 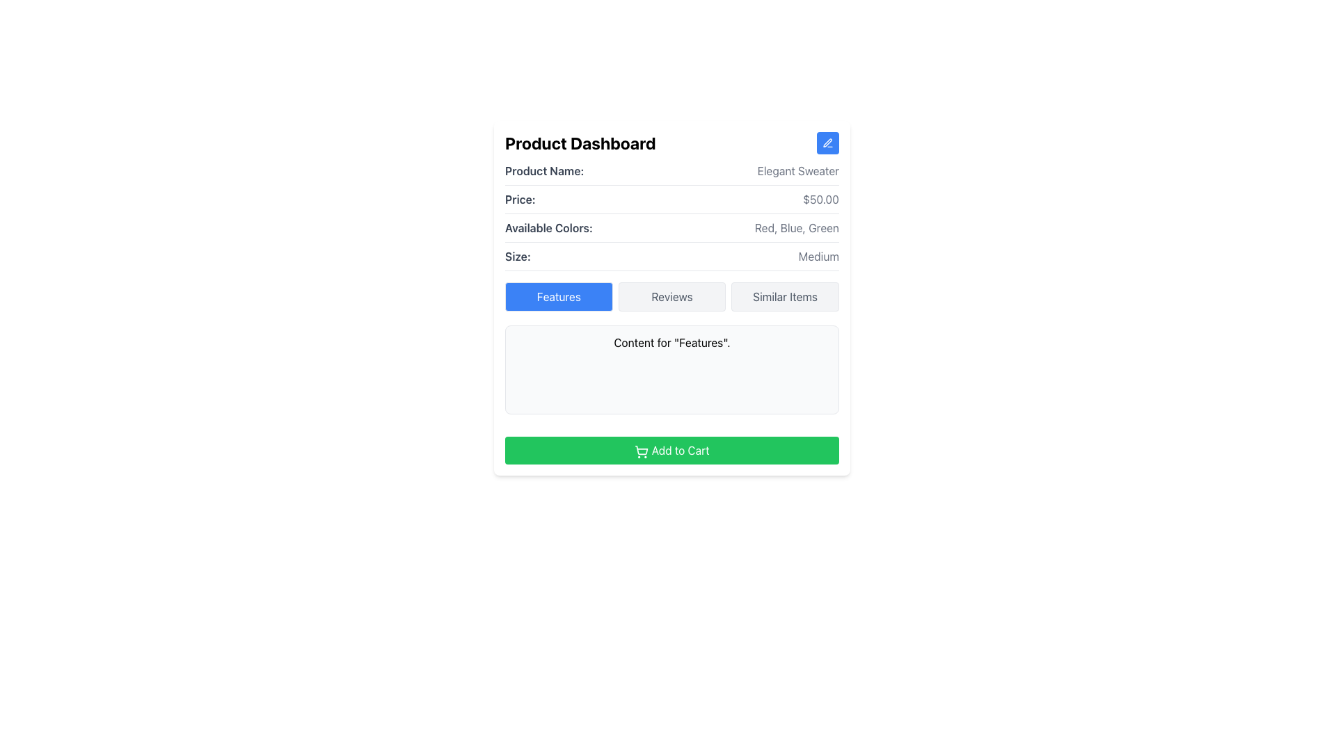 What do you see at coordinates (543, 170) in the screenshot?
I see `the bolded text label 'Product Name:' located in the top left area of the product details section, under the 'Product Dashboard' heading` at bounding box center [543, 170].